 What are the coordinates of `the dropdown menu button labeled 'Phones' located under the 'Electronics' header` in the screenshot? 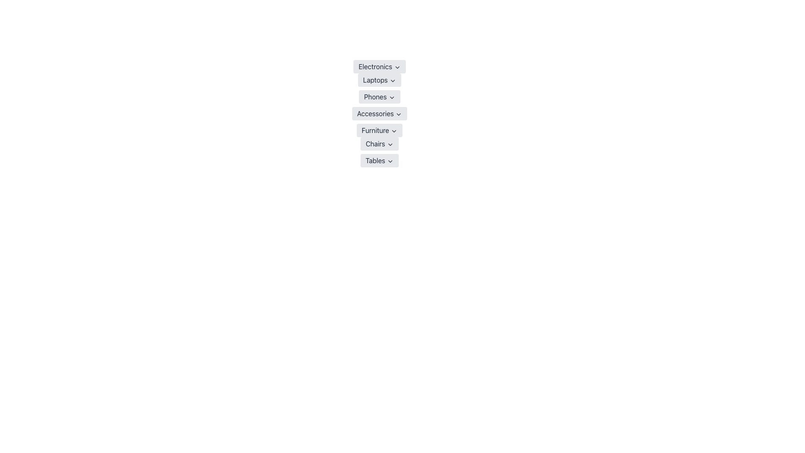 It's located at (379, 96).